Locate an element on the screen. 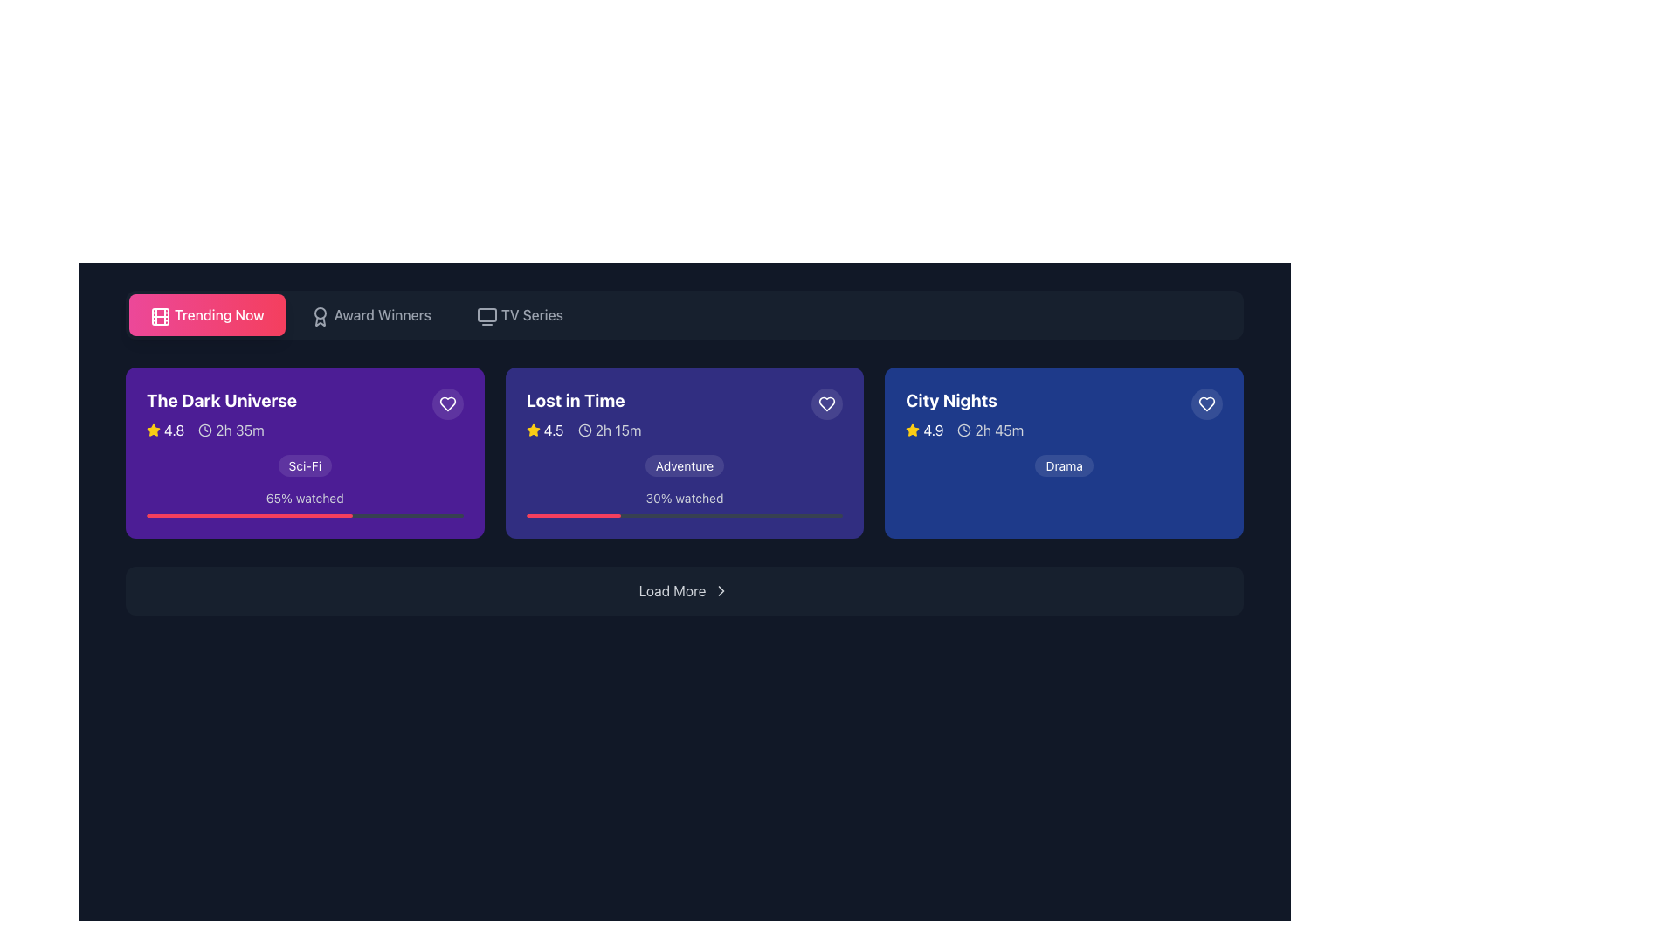  the 'Trending Now' text label embedded within the button is located at coordinates (218, 315).